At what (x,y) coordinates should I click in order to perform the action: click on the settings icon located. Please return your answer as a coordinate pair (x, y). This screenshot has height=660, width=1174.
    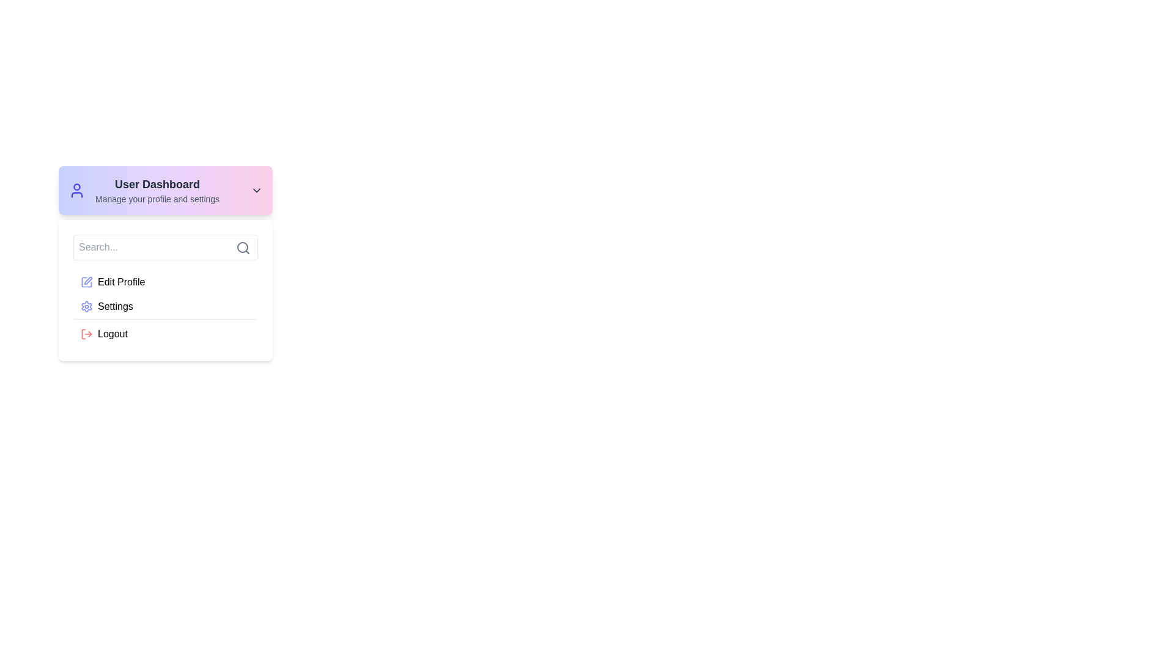
    Looking at the image, I should click on (86, 306).